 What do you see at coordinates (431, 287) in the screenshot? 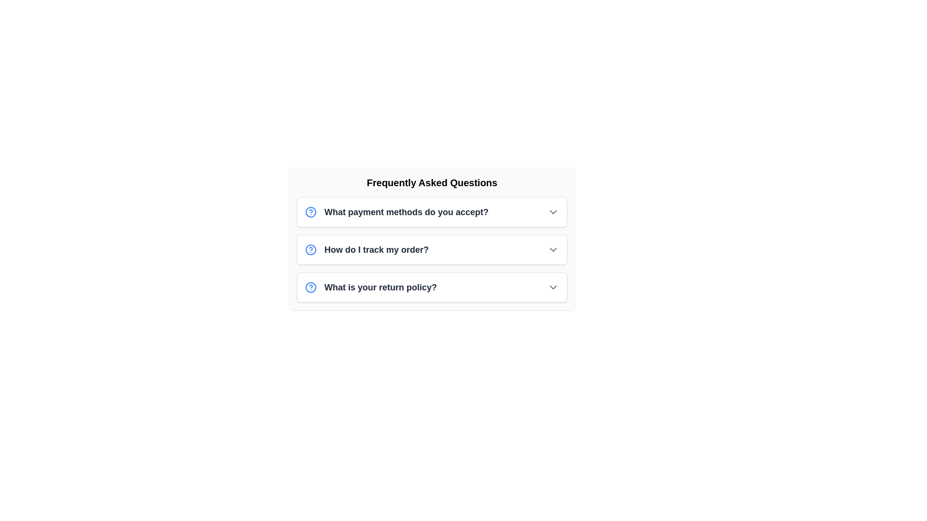
I see `the third item in the FAQ list, which expands` at bounding box center [431, 287].